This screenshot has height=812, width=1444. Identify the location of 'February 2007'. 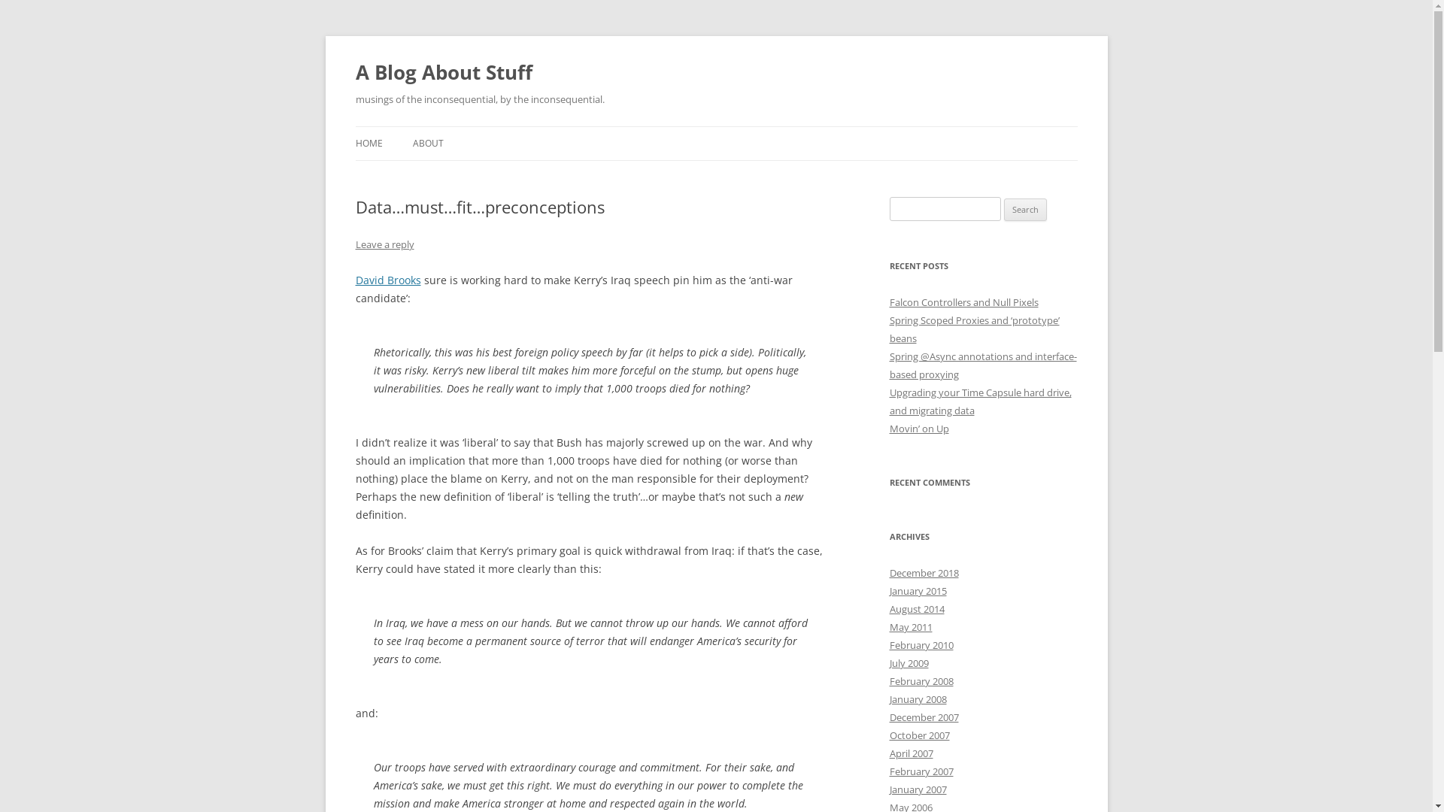
(920, 771).